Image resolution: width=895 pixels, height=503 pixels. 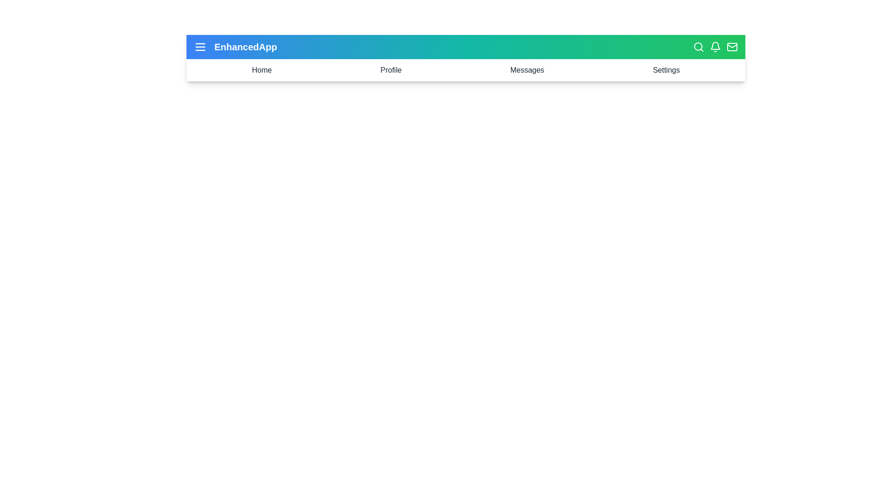 I want to click on the bell icon to view notifications, so click(x=715, y=47).